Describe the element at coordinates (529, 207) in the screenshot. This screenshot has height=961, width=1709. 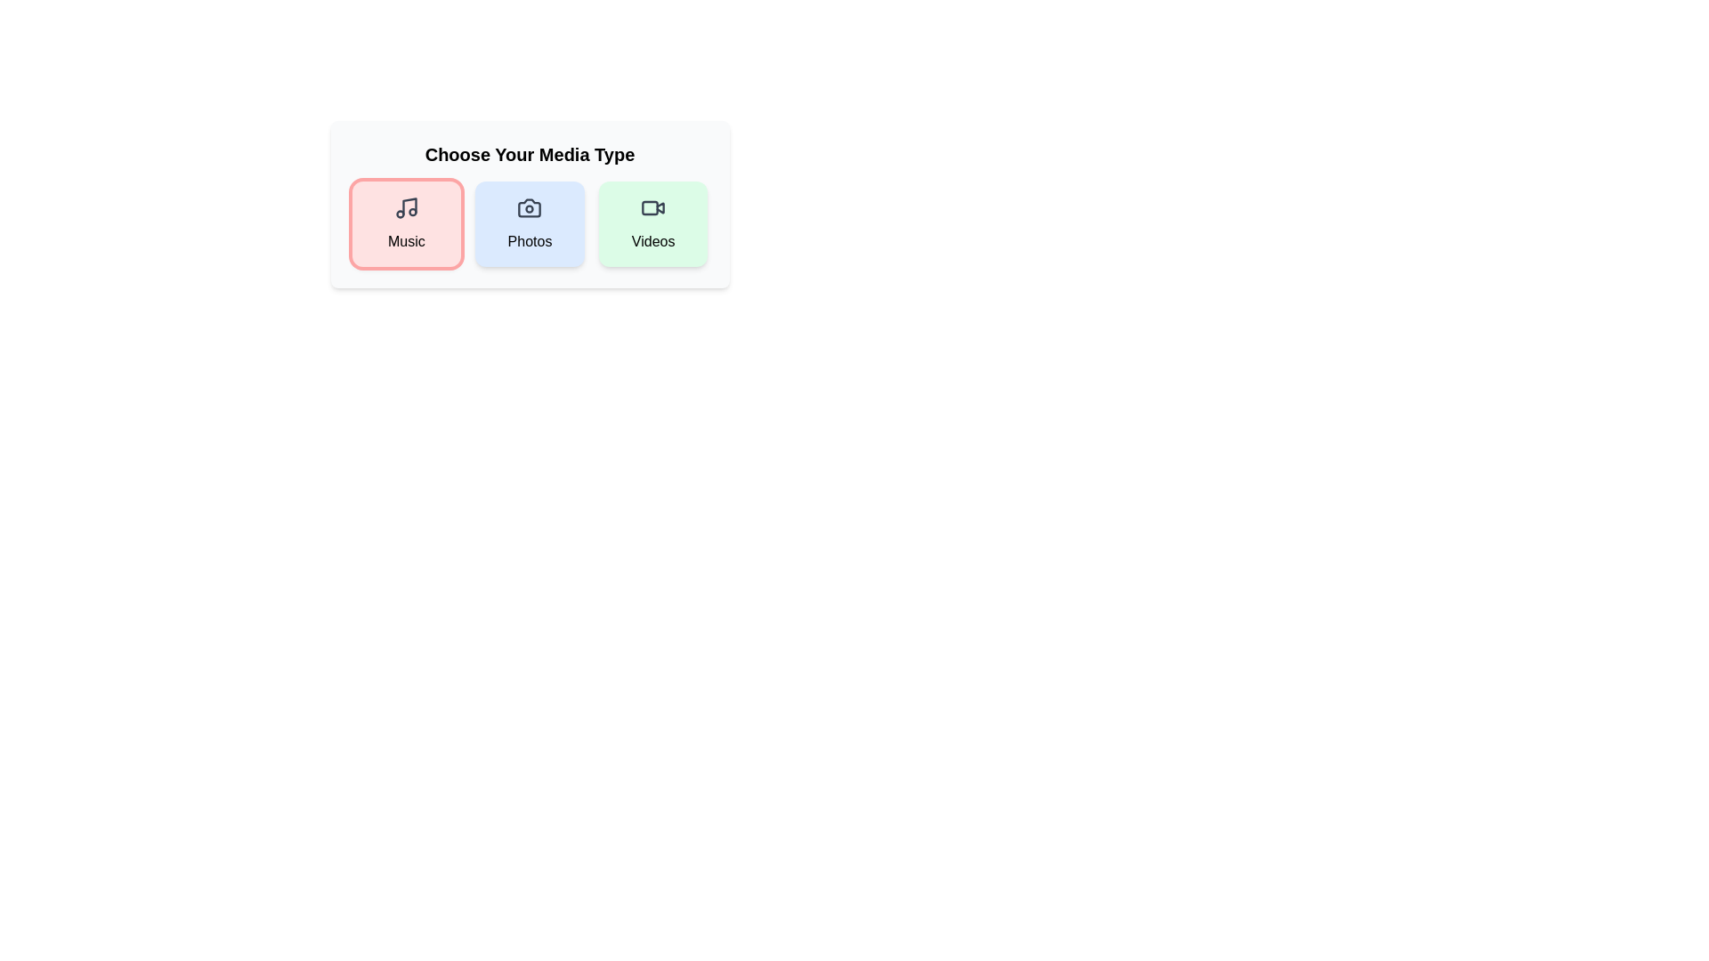
I see `the camera icon in the 'Photos' section, which has a dark gray color and is positioned above the text 'Photos' in the media type selection interface` at that location.